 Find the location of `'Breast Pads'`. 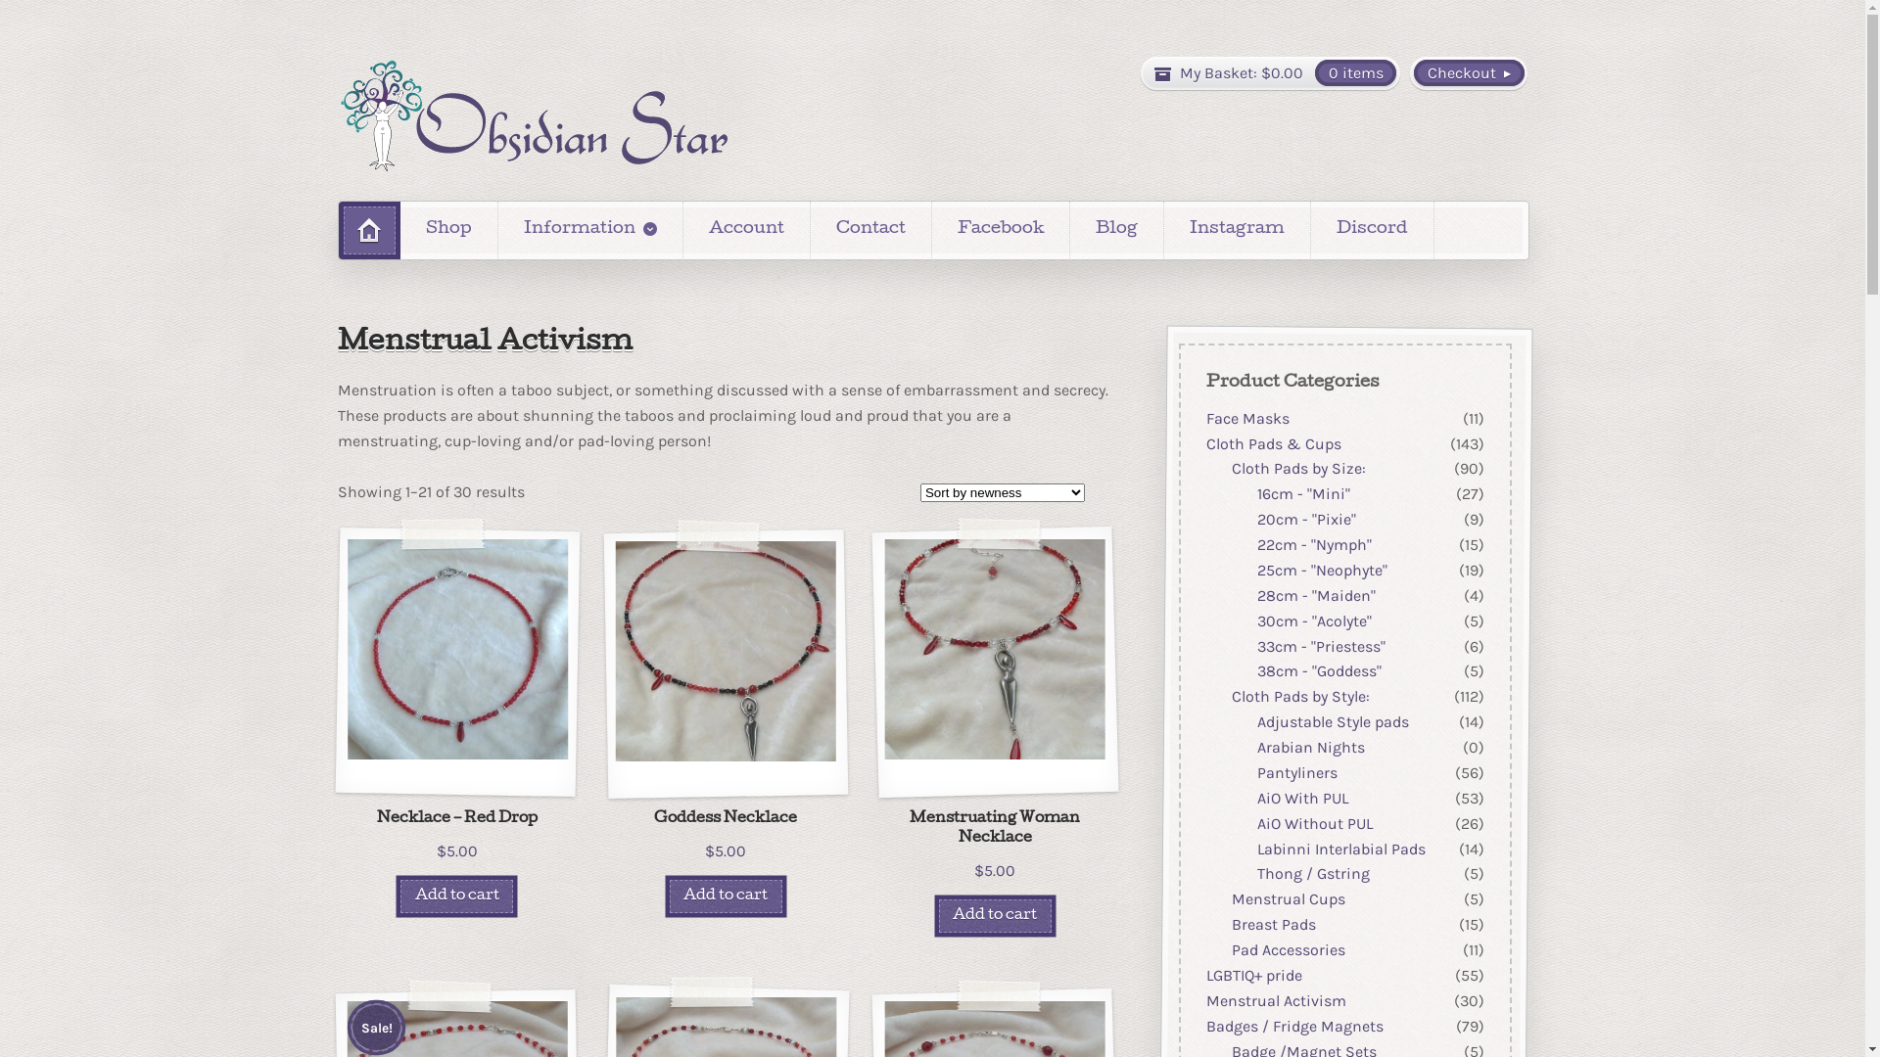

'Breast Pads' is located at coordinates (1273, 924).